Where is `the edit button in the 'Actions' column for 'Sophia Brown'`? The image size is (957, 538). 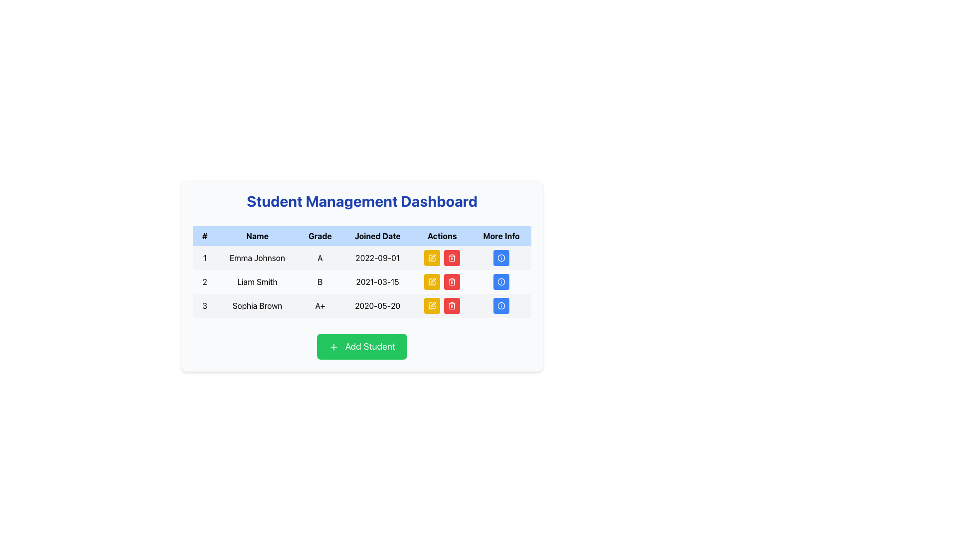 the edit button in the 'Actions' column for 'Sophia Brown' is located at coordinates (432, 305).